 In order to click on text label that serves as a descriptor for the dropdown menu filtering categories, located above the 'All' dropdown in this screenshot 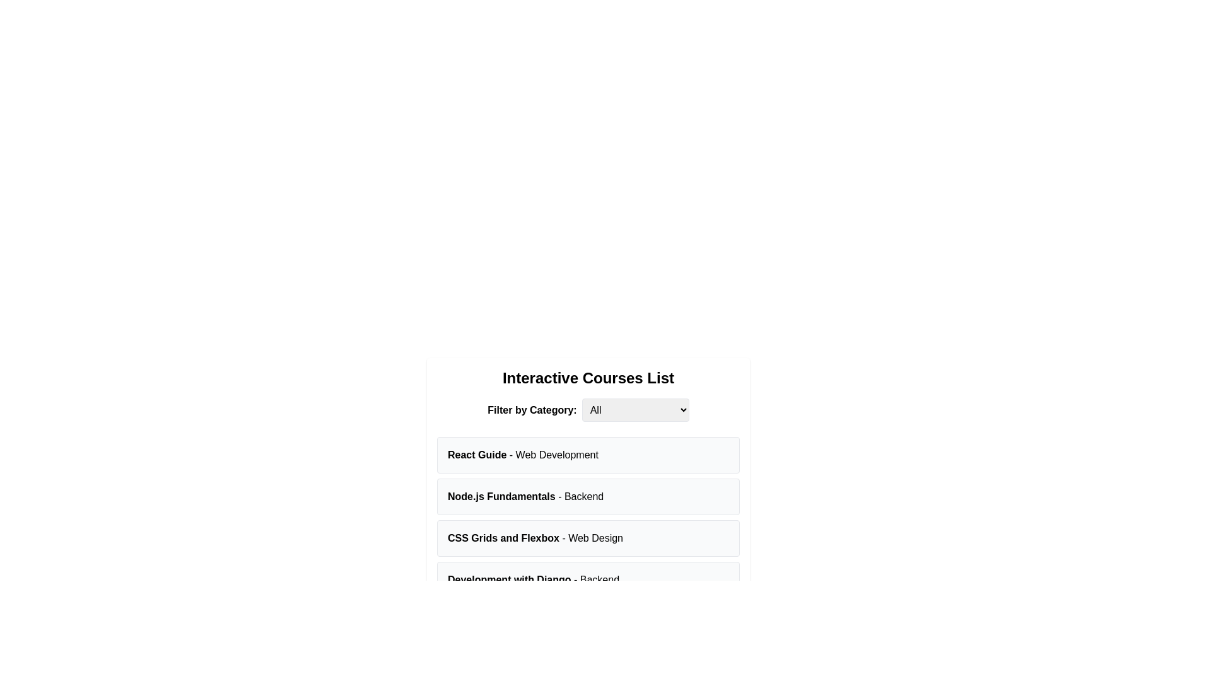, I will do `click(532, 410)`.